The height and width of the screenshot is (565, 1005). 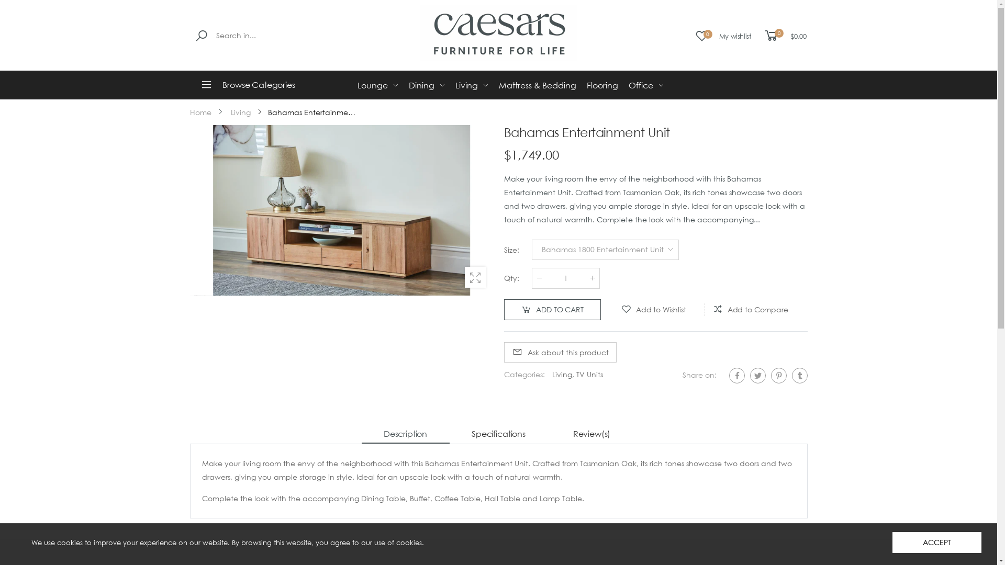 What do you see at coordinates (605, 309) in the screenshot?
I see `'Add to Wishlist'` at bounding box center [605, 309].